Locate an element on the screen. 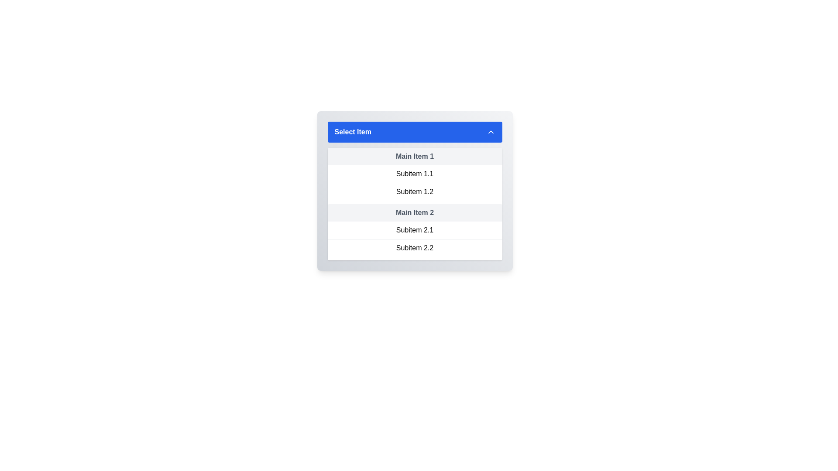 The width and height of the screenshot is (838, 471). the subitem 'Subitem 1.1' of the collapsible list item titled 'Main Item 1' is located at coordinates (414, 176).